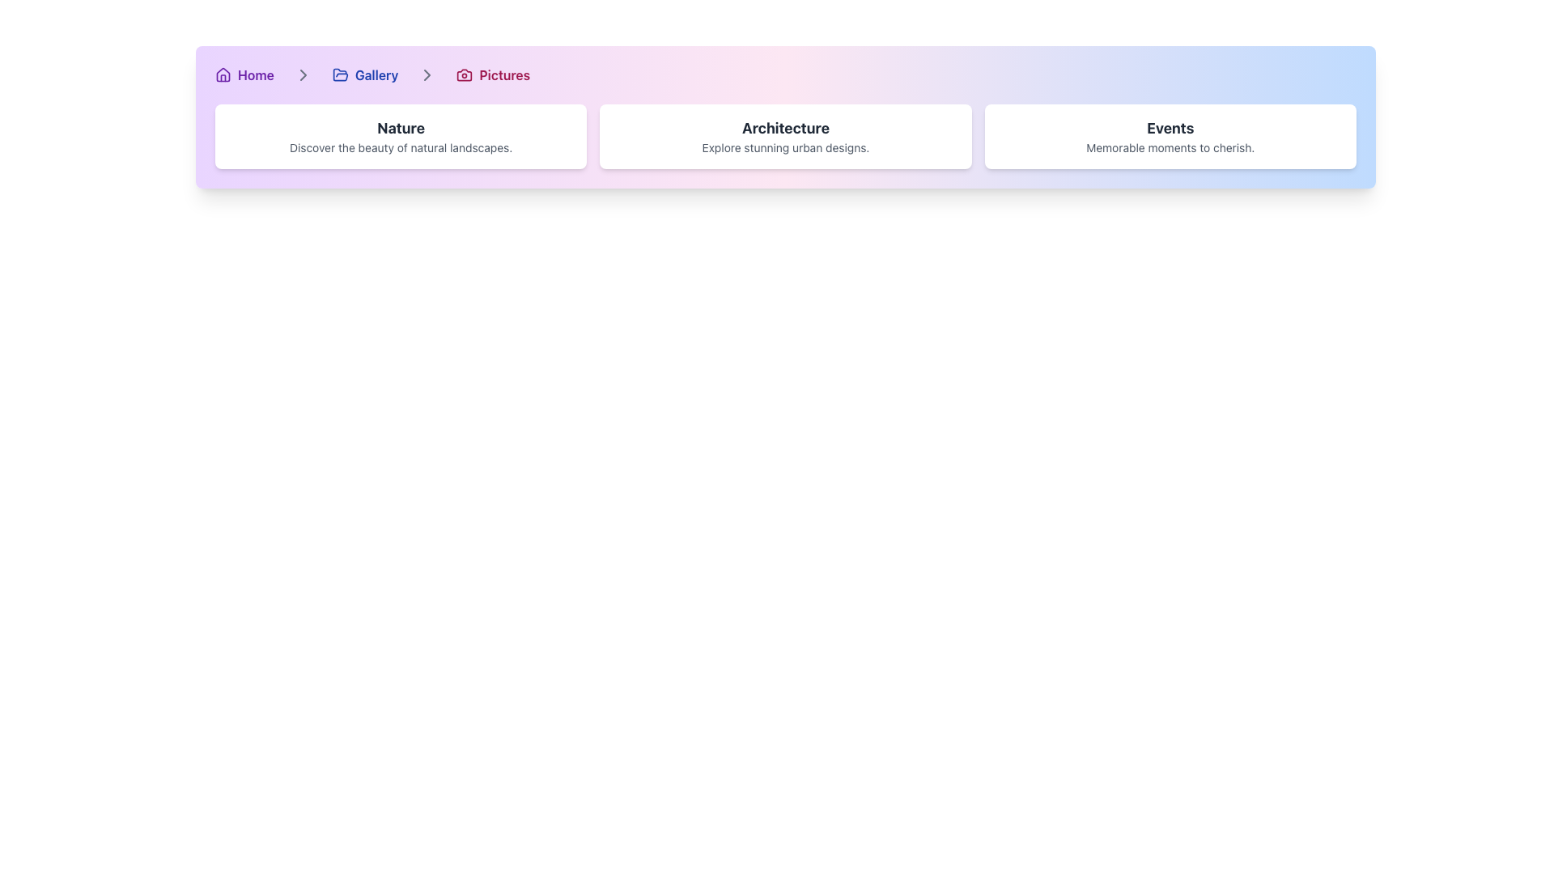 The width and height of the screenshot is (1554, 874). I want to click on the visual separator icon in the breadcrumb navigation, located between 'Gallery' and 'Pictures', to interact with it if interactivity is supported, so click(427, 74).